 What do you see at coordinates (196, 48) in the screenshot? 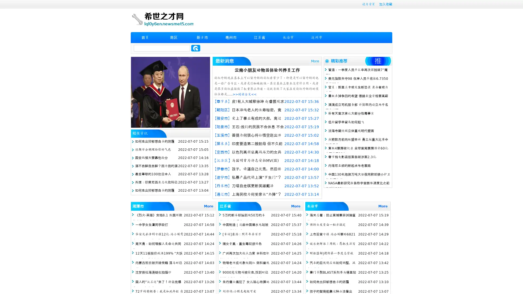
I see `Search` at bounding box center [196, 48].